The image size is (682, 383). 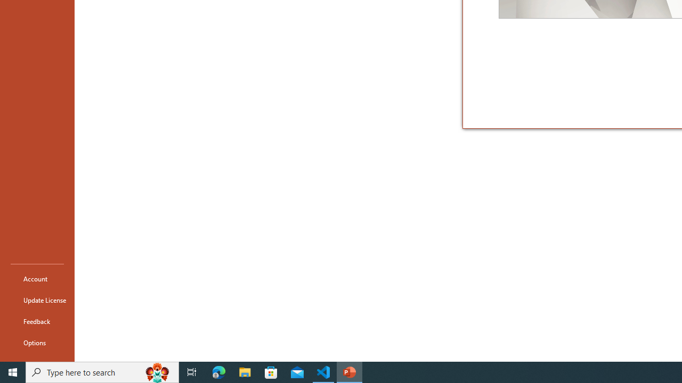 I want to click on 'Feedback', so click(x=37, y=321).